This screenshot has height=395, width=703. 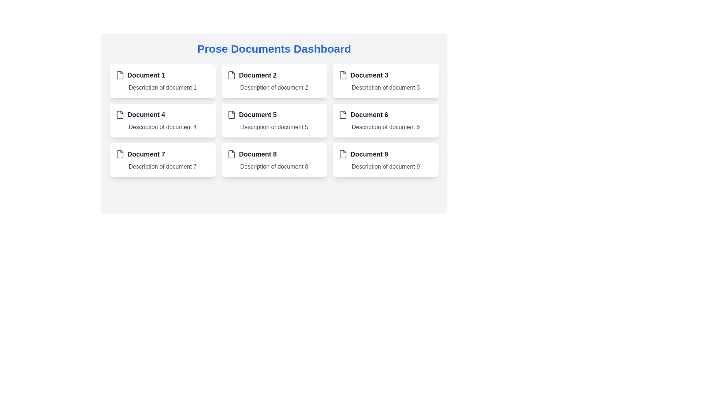 What do you see at coordinates (120, 154) in the screenshot?
I see `the document representation icon located in the bottom-left card of the grid layout, specifically in the third row and first column` at bounding box center [120, 154].